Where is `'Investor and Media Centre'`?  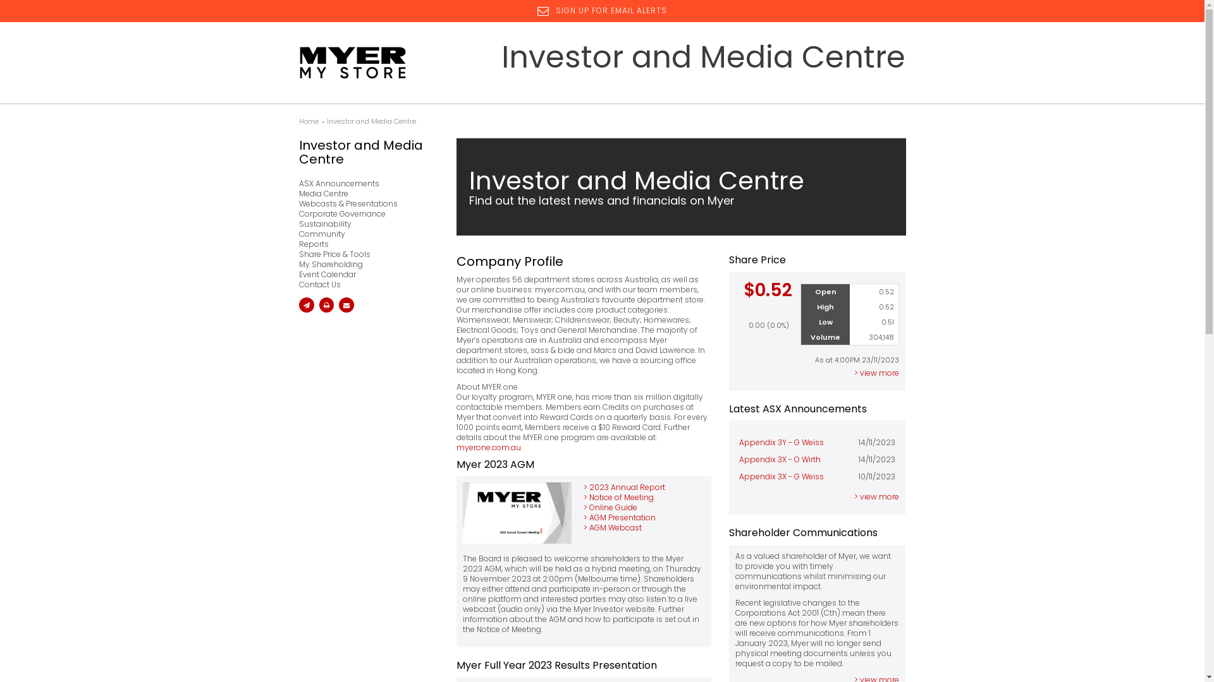
'Investor and Media Centre' is located at coordinates (370, 121).